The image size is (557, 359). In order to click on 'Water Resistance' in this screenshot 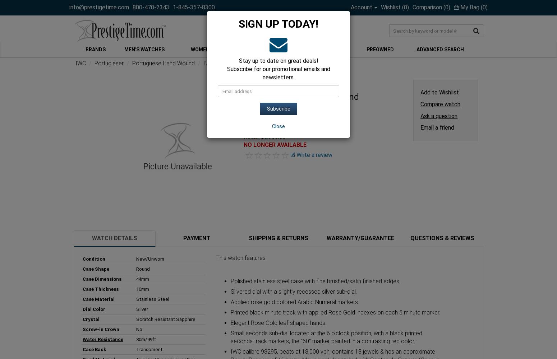, I will do `click(103, 339)`.